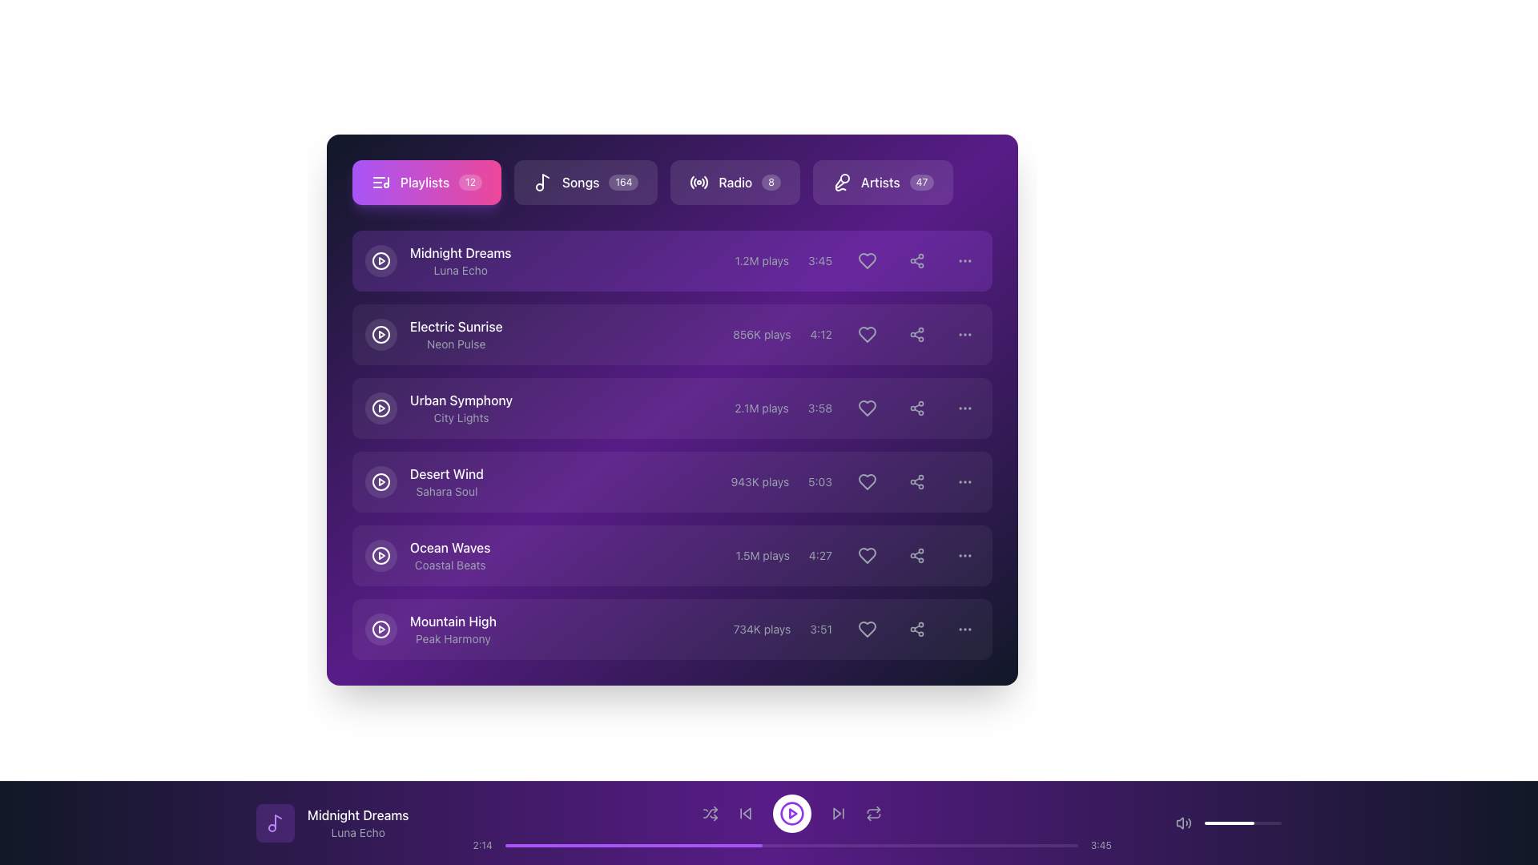  What do you see at coordinates (964, 333) in the screenshot?
I see `the button located at the far right of the row for the song 'Electric Sunrise'` at bounding box center [964, 333].